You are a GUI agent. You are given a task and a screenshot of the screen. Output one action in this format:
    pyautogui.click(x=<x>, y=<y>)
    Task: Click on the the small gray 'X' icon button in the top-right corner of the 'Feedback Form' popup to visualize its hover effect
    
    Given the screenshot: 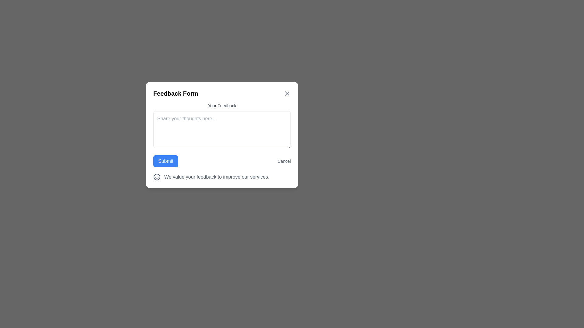 What is the action you would take?
    pyautogui.click(x=287, y=94)
    